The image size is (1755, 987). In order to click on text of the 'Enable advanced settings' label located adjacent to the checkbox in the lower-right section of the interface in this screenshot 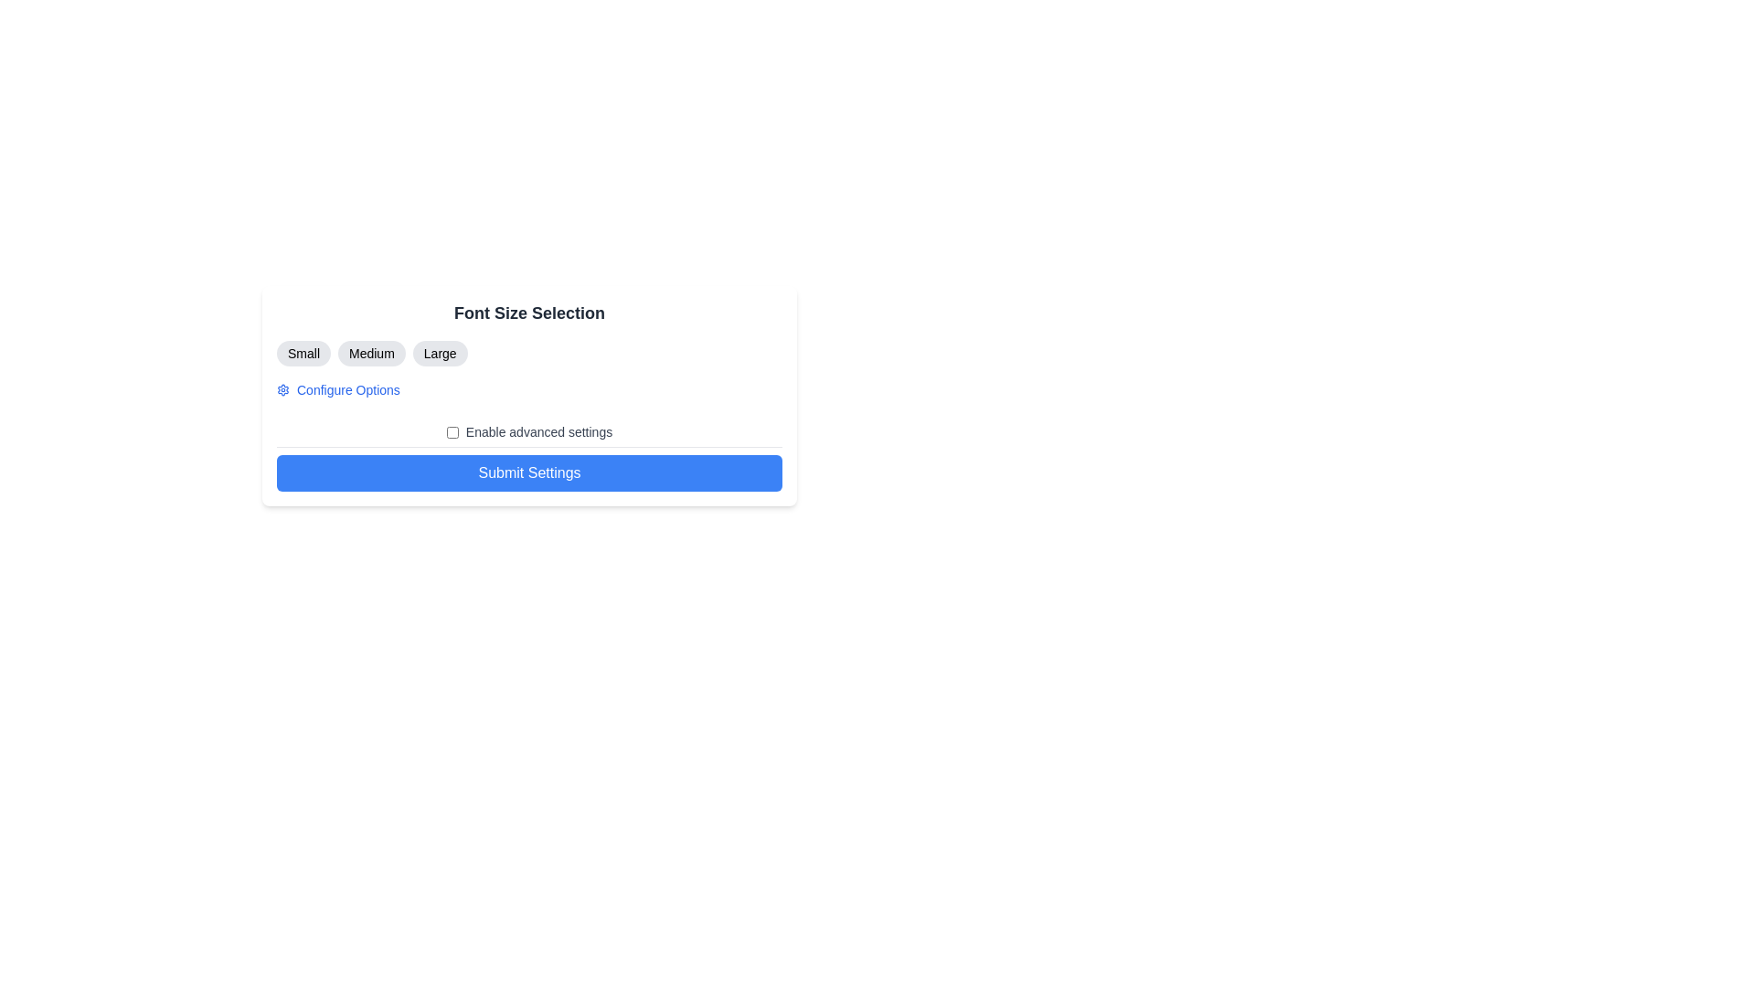, I will do `click(538, 432)`.